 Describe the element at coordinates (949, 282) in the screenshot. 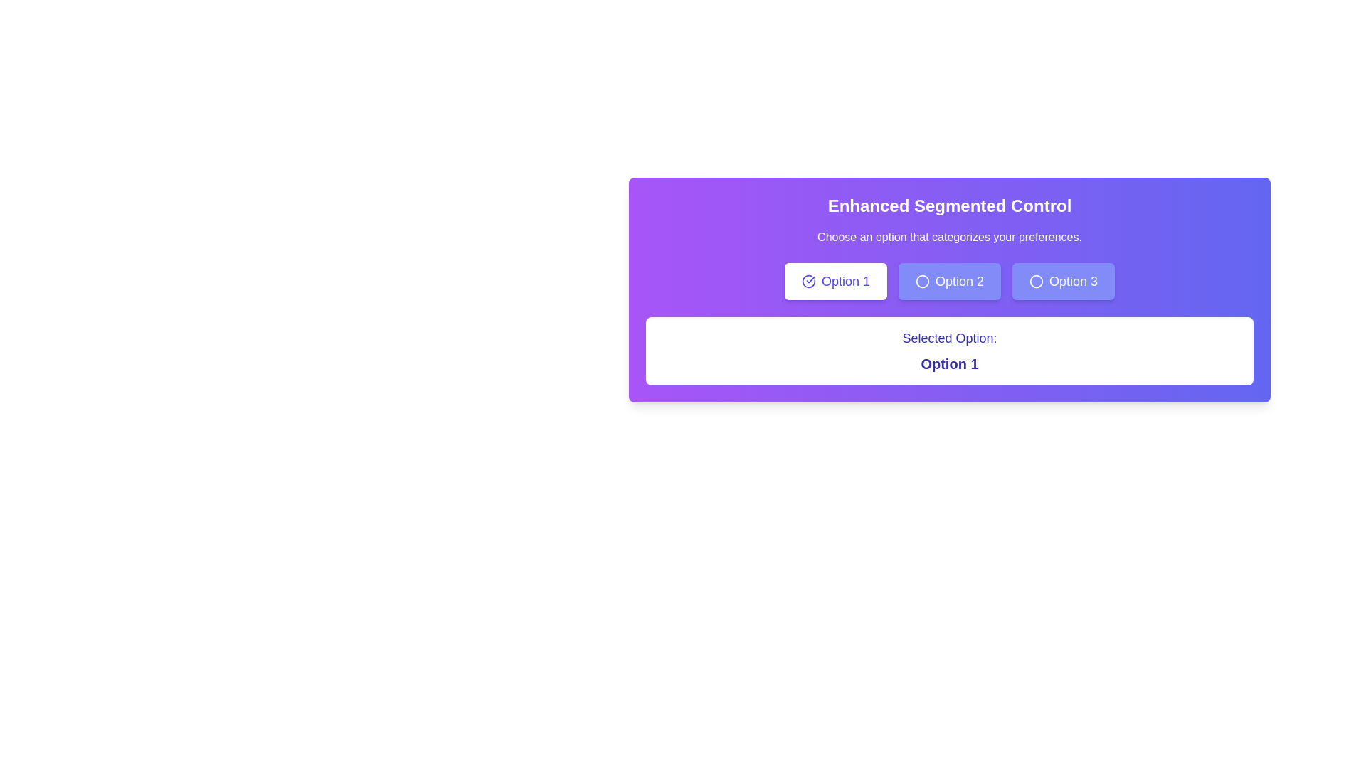

I see `the button labeled 'Option 2', which is a rectangular button with rounded corners and a light indigo background` at that location.